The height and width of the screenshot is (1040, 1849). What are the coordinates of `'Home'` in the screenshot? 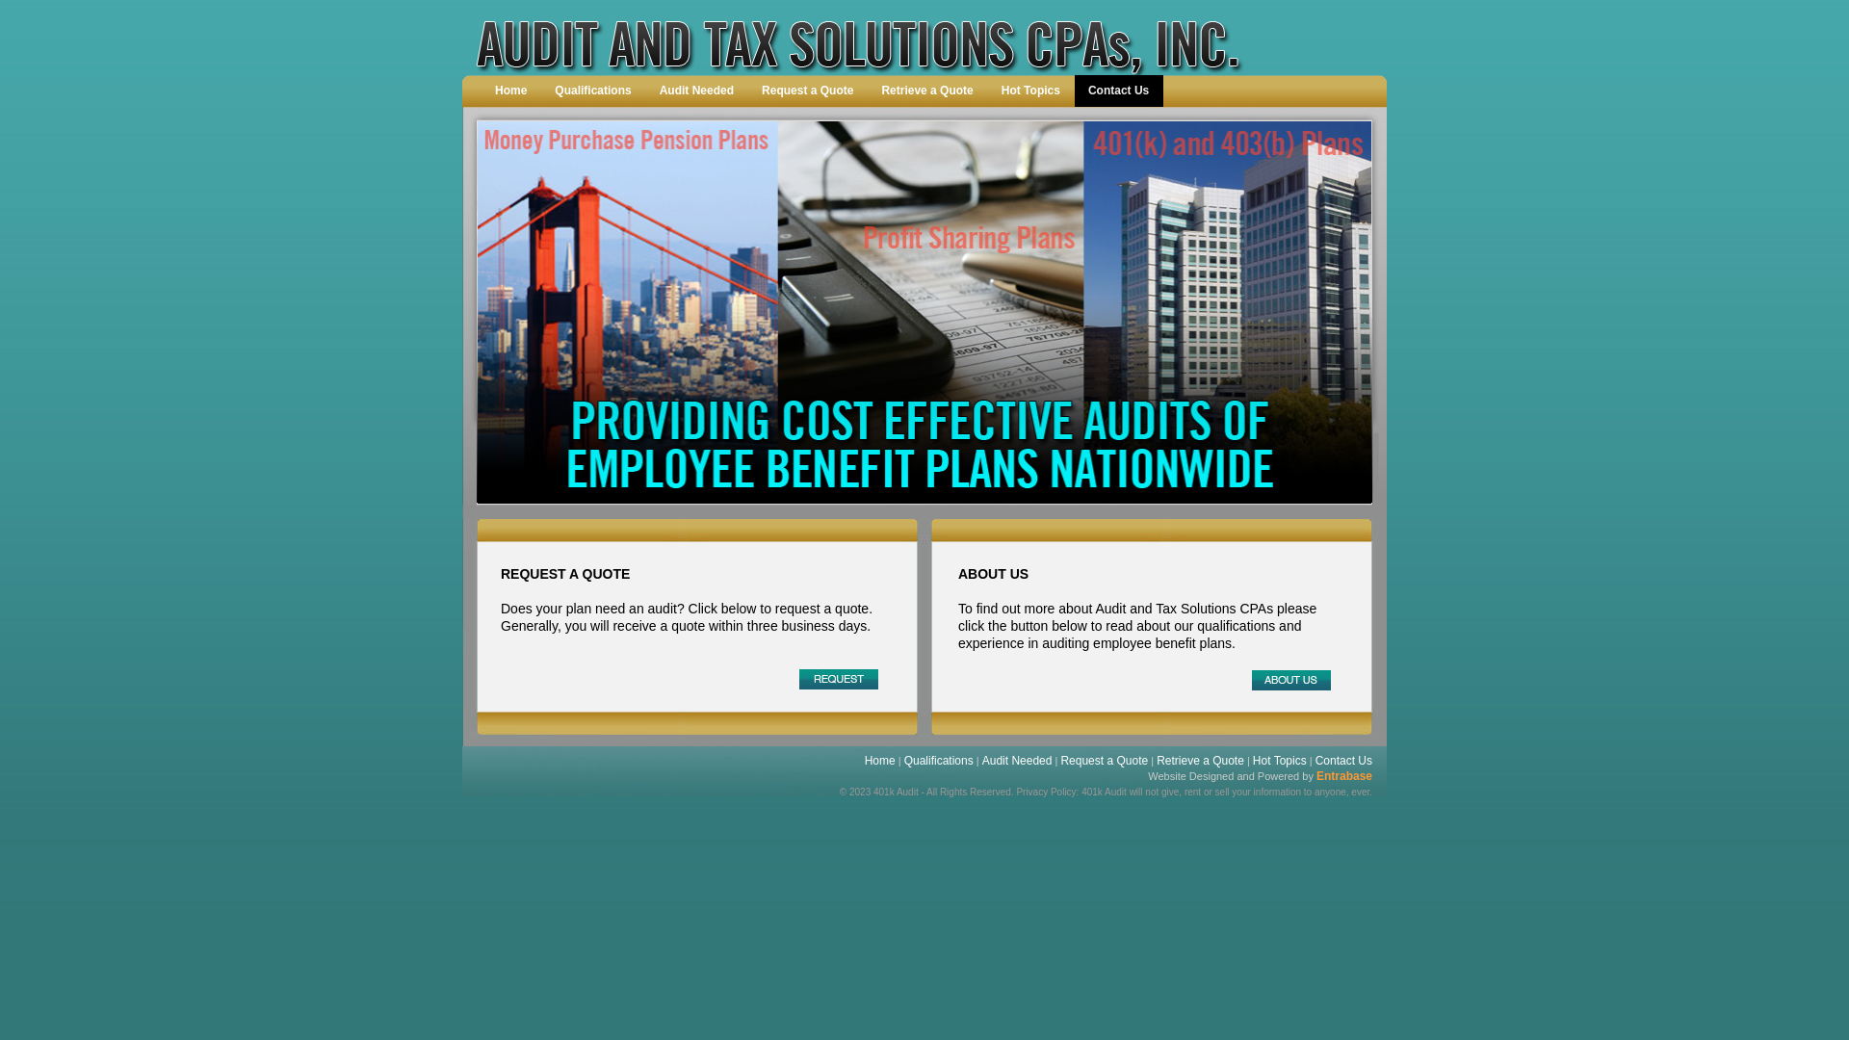 It's located at (878, 760).